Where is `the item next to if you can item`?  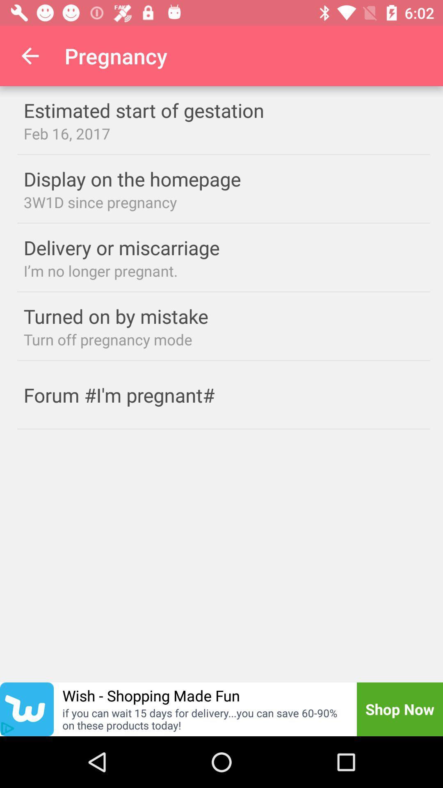
the item next to if you can item is located at coordinates (7, 728).